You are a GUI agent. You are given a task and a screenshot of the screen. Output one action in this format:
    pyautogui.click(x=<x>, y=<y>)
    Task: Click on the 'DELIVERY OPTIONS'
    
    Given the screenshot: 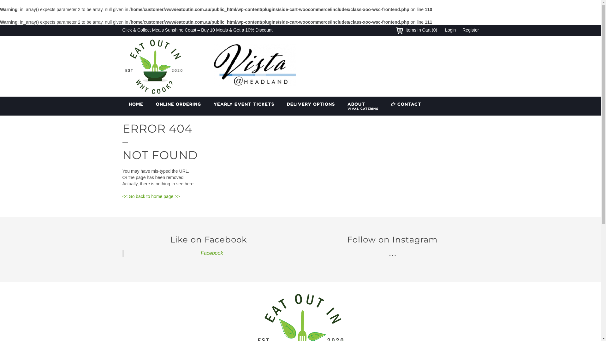 What is the action you would take?
    pyautogui.click(x=310, y=105)
    